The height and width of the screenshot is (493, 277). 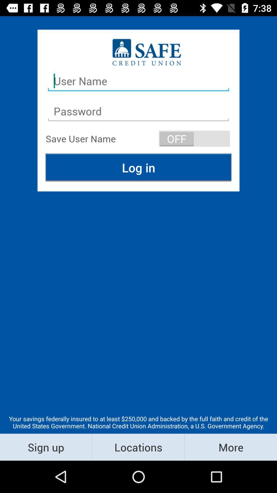 What do you see at coordinates (194, 138) in the screenshot?
I see `item to the right of save user name icon` at bounding box center [194, 138].